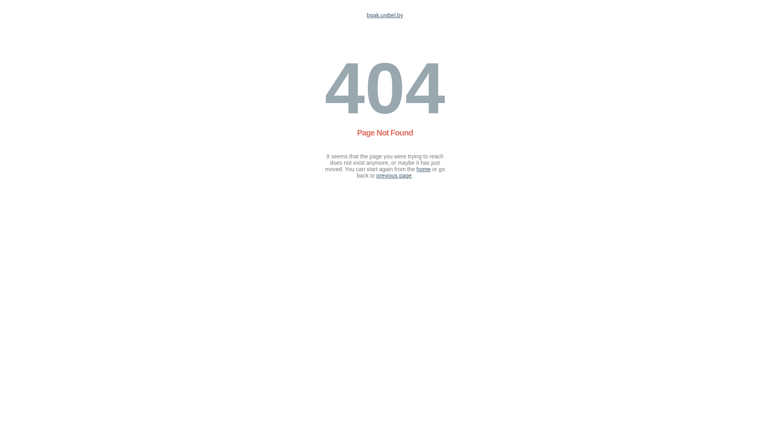 The width and height of the screenshot is (770, 433). What do you see at coordinates (385, 15) in the screenshot?
I see `'bgak.unibel.by'` at bounding box center [385, 15].